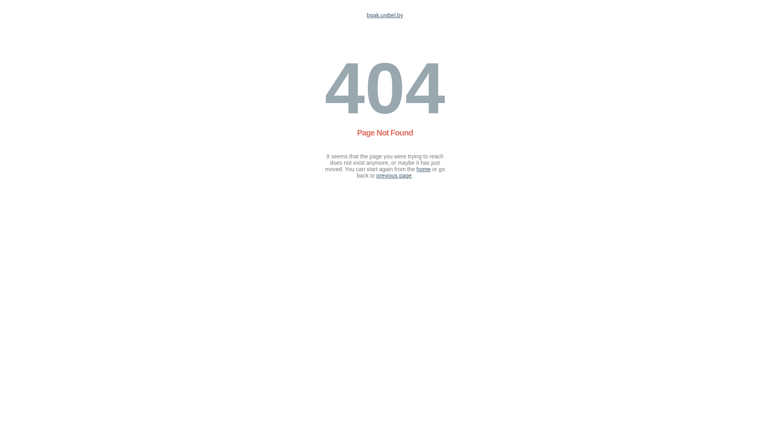 The width and height of the screenshot is (770, 433). What do you see at coordinates (385, 15) in the screenshot?
I see `'bgak.unibel.by'` at bounding box center [385, 15].